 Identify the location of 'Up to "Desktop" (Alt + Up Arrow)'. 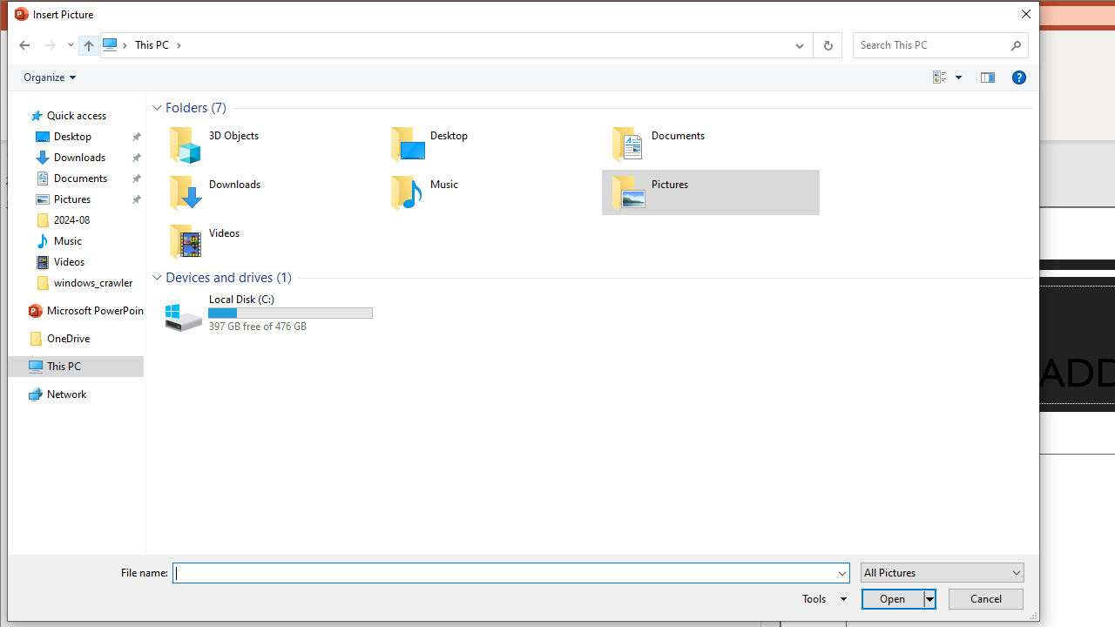
(87, 44).